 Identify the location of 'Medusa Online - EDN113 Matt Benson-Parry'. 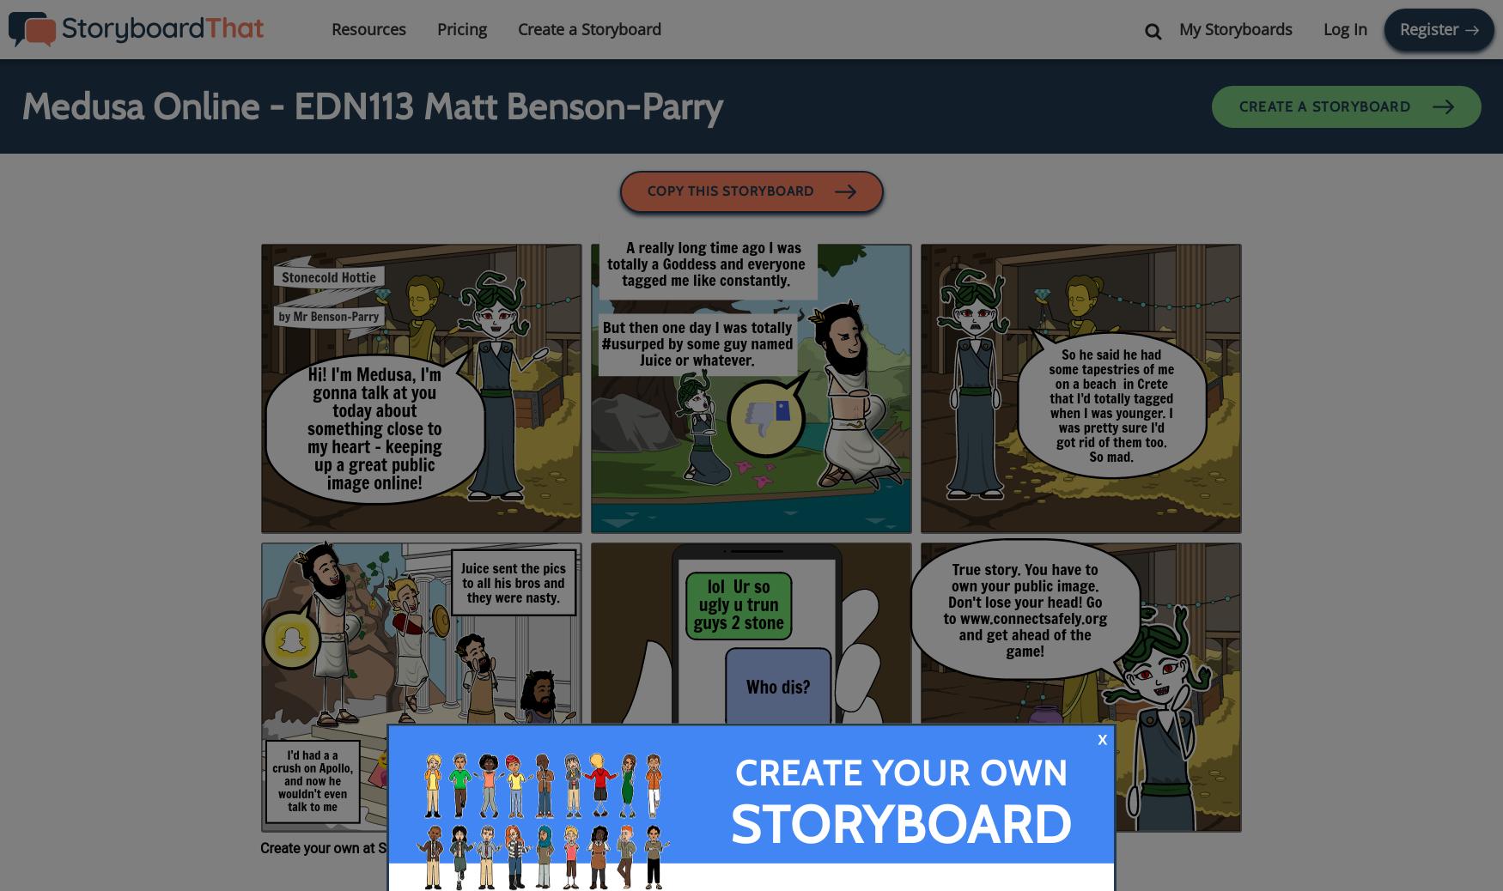
(21, 106).